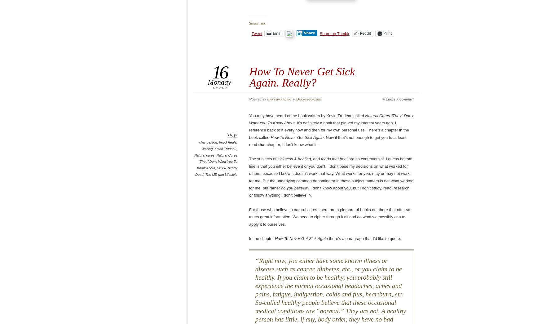  Describe the element at coordinates (308, 99) in the screenshot. I see `'Uncategorized'` at that location.